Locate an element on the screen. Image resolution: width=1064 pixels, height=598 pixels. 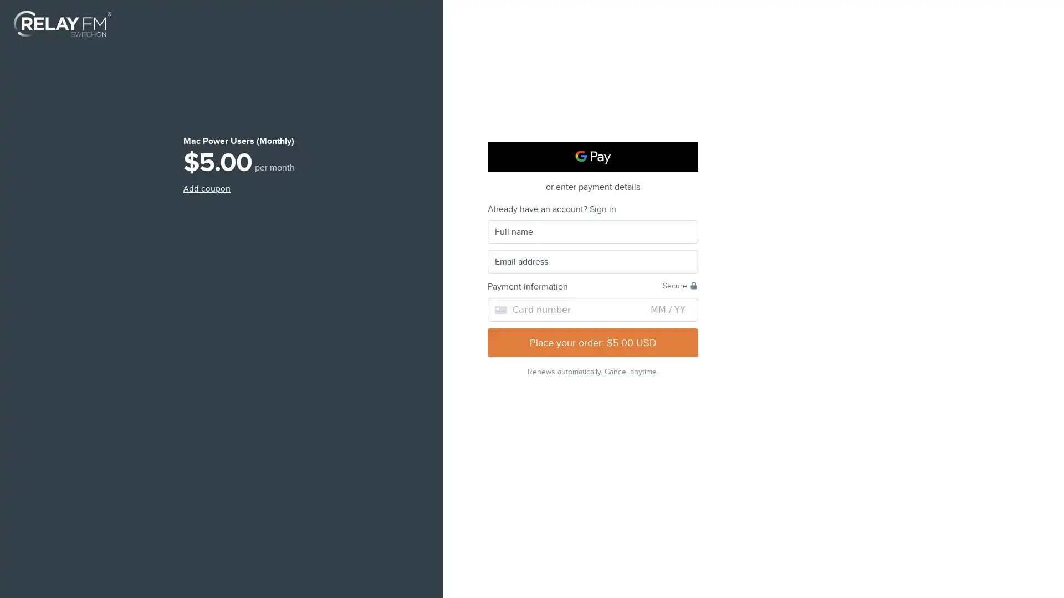
Add coupon is located at coordinates (207, 188).